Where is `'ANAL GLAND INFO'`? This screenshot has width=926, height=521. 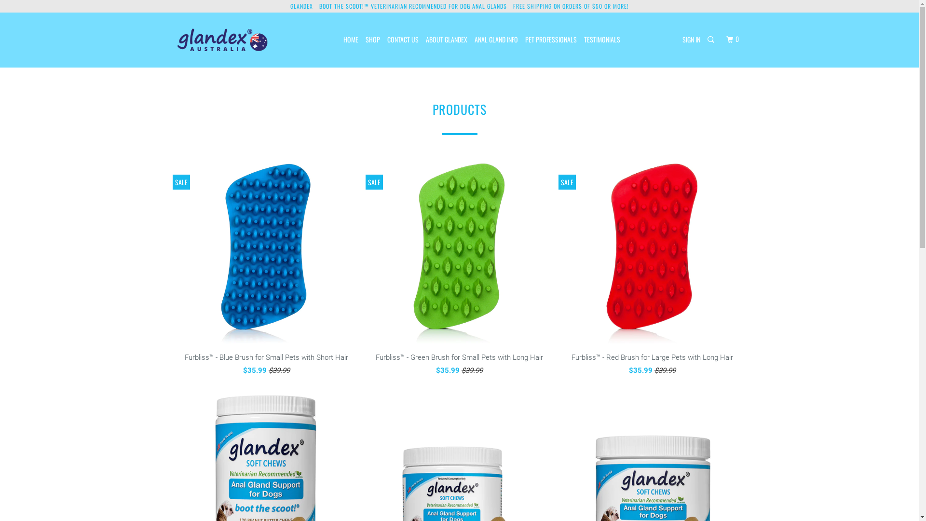
'ANAL GLAND INFO' is located at coordinates (496, 39).